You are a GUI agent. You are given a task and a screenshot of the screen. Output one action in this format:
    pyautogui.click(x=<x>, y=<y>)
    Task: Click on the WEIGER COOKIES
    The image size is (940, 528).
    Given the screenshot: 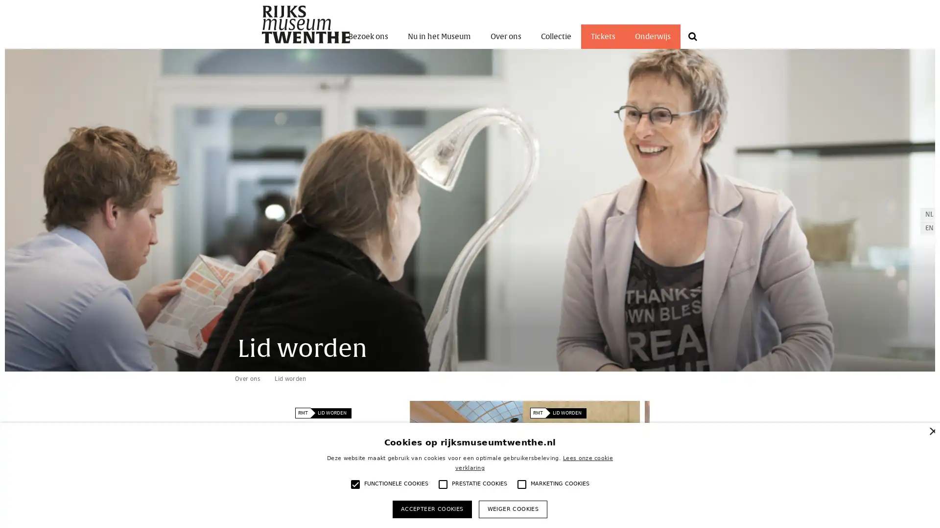 What is the action you would take?
    pyautogui.click(x=512, y=508)
    